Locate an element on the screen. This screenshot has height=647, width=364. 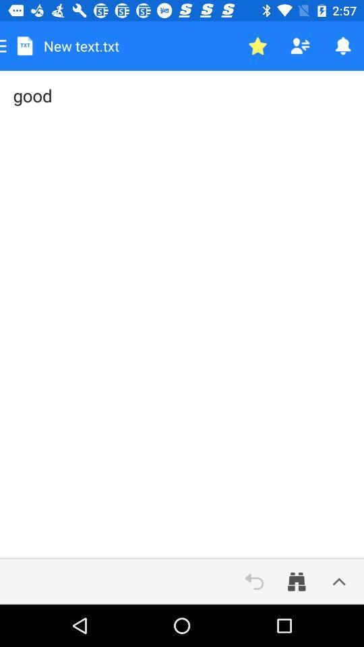
the icon above the good is located at coordinates (300, 46).